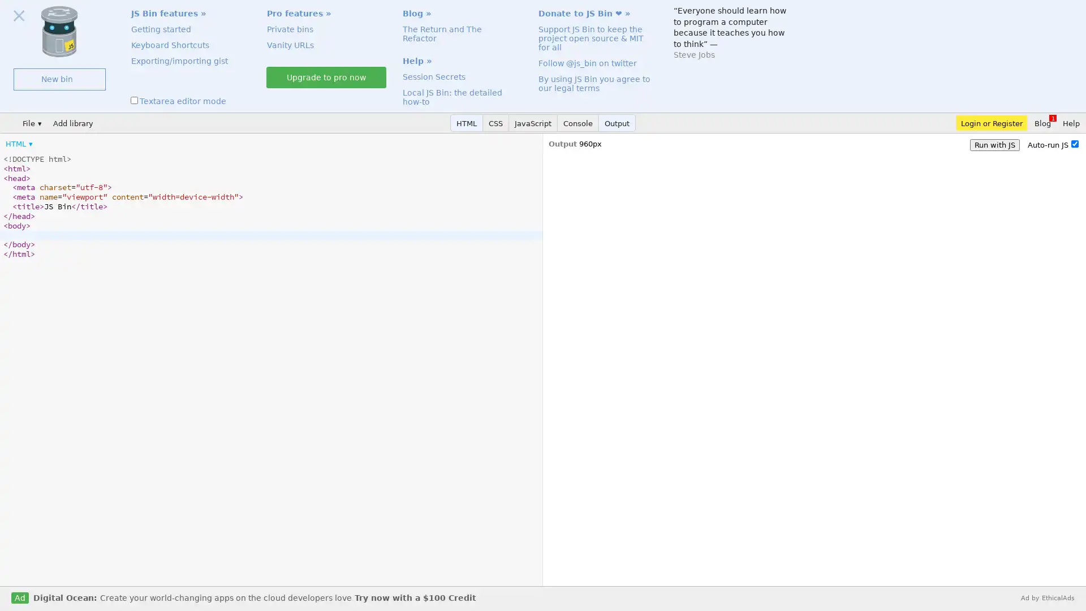 The height and width of the screenshot is (611, 1086). What do you see at coordinates (994, 144) in the screenshot?
I see `Run with JS` at bounding box center [994, 144].